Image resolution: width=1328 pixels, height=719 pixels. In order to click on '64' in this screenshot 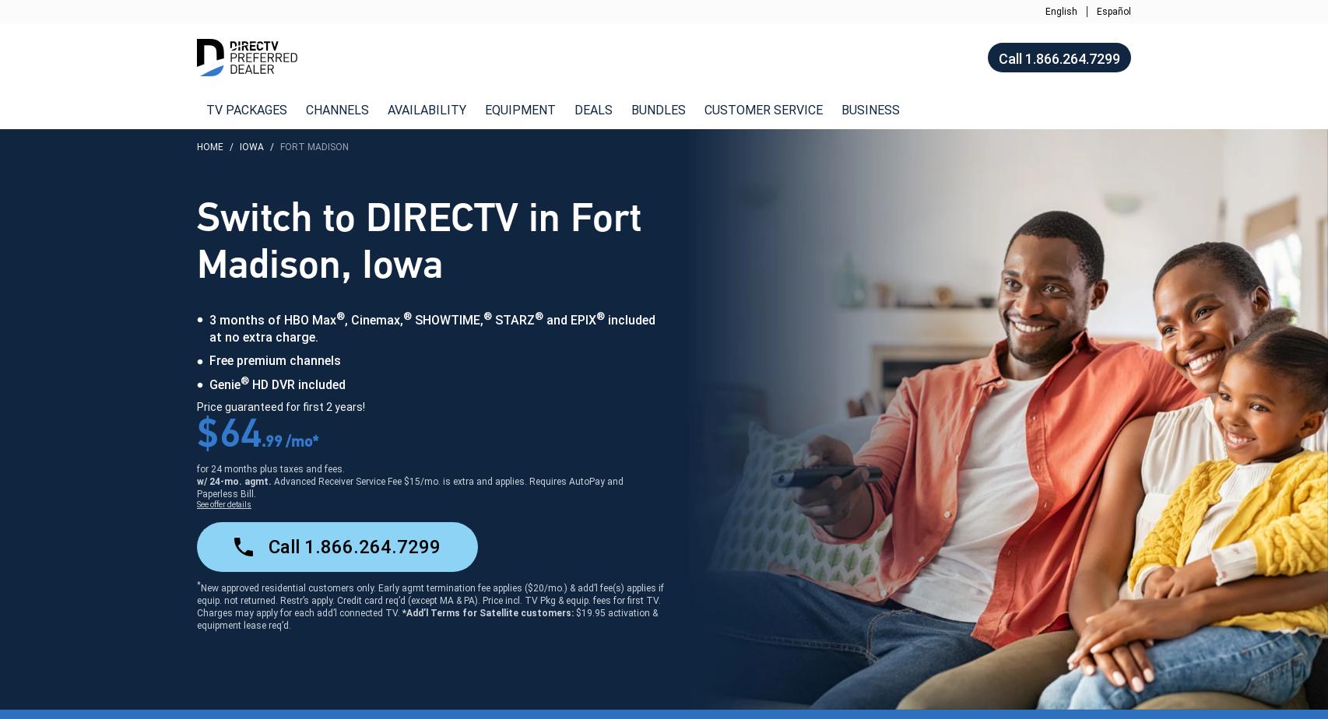, I will do `click(220, 436)`.